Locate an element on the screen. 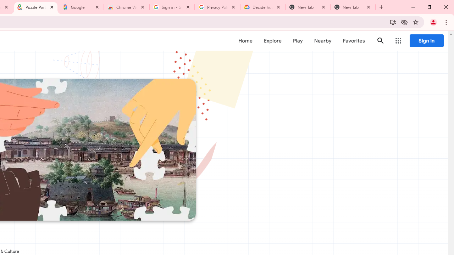 The image size is (454, 255). 'Install Google Arts & Culture' is located at coordinates (392, 22).